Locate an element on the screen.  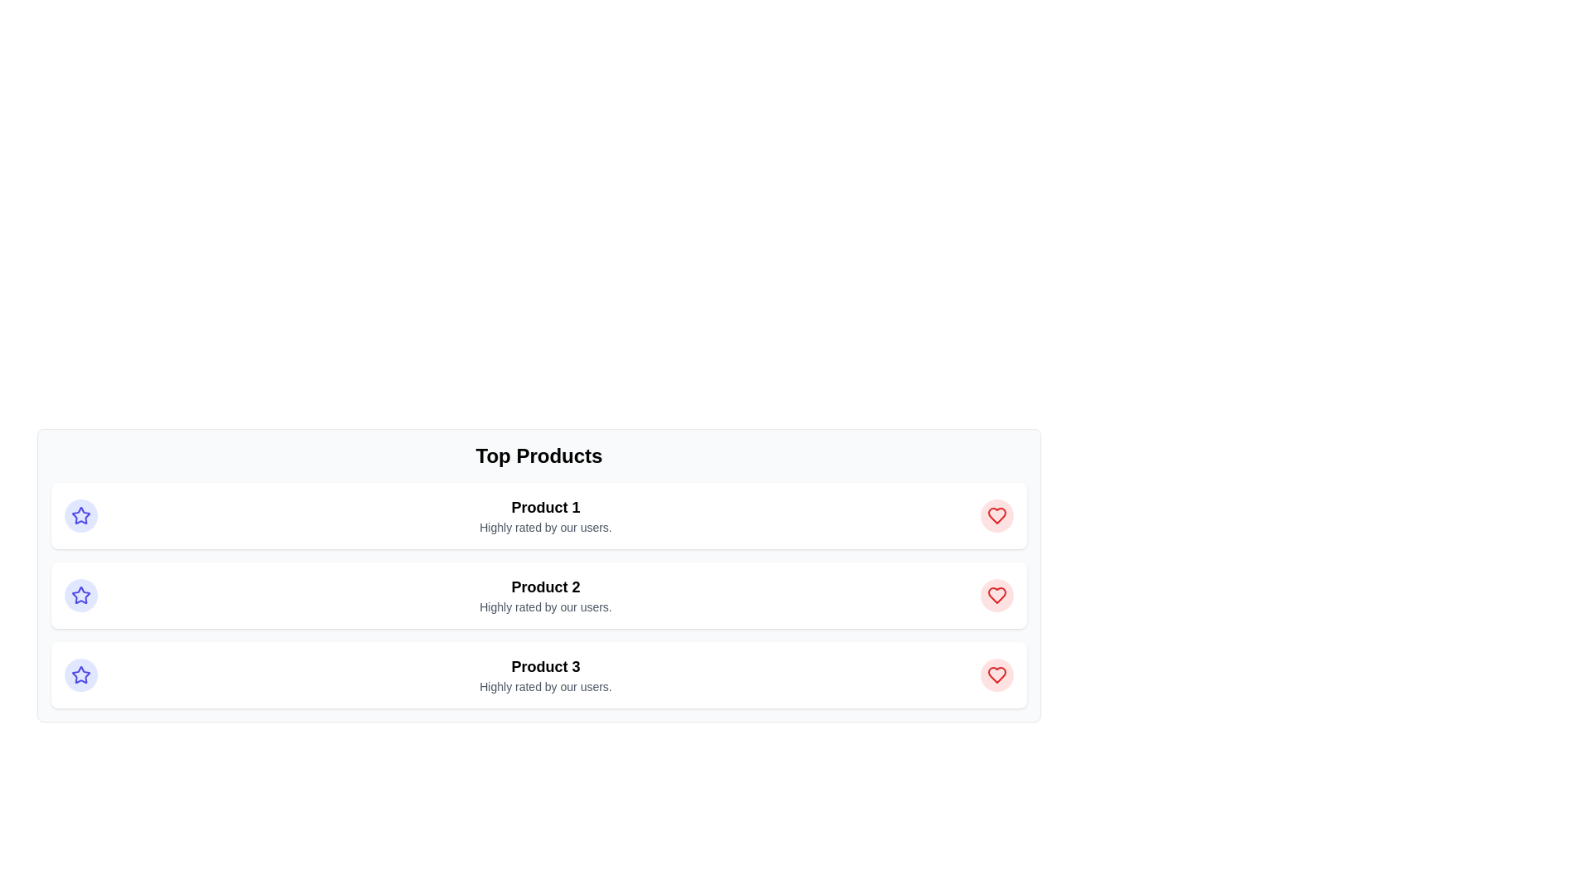
the informational text located below the title 'Product 1', which provides supplementary information about the product is located at coordinates (545, 528).